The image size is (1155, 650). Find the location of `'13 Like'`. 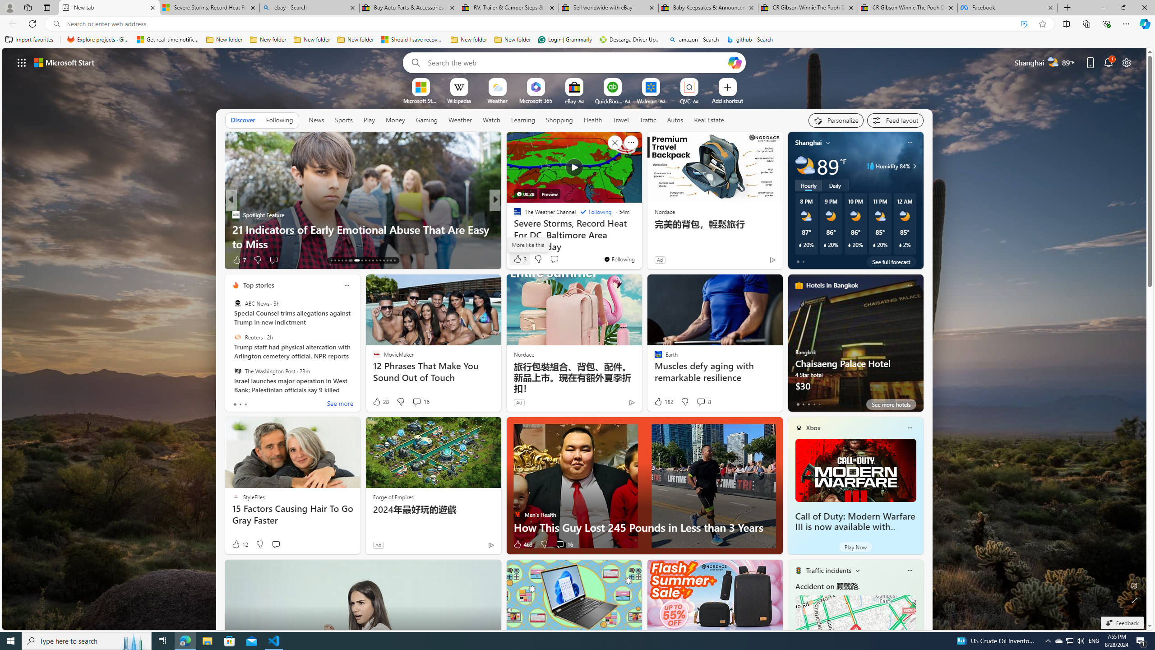

'13 Like' is located at coordinates (517, 260).